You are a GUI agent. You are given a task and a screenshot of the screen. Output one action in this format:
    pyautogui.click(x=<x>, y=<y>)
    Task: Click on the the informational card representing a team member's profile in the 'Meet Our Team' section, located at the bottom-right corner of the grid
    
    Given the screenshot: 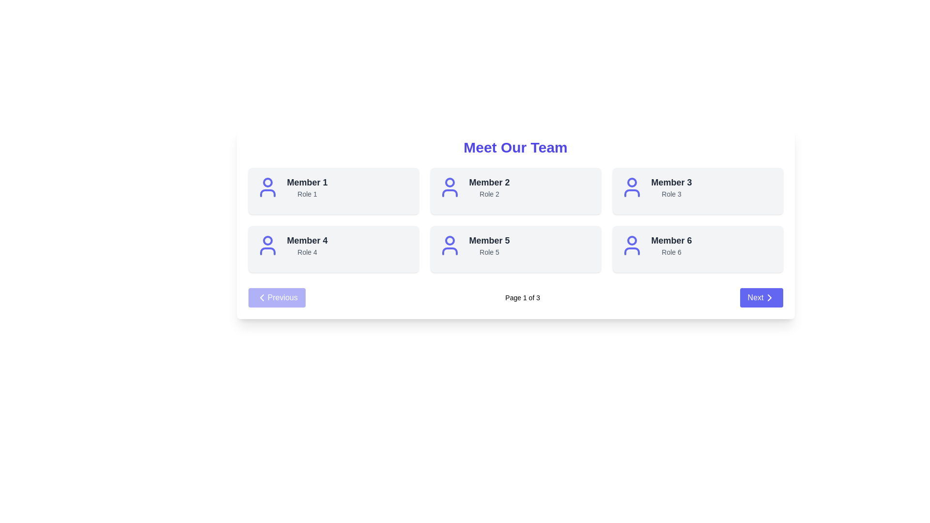 What is the action you would take?
    pyautogui.click(x=697, y=245)
    